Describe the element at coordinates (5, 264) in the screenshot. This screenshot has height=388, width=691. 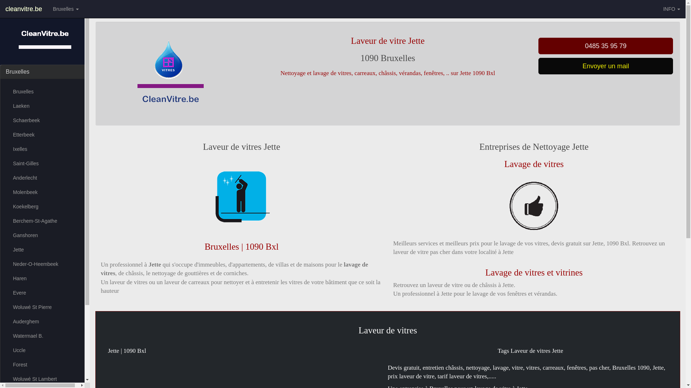
I see `'Neder-O-Heembeek'` at that location.